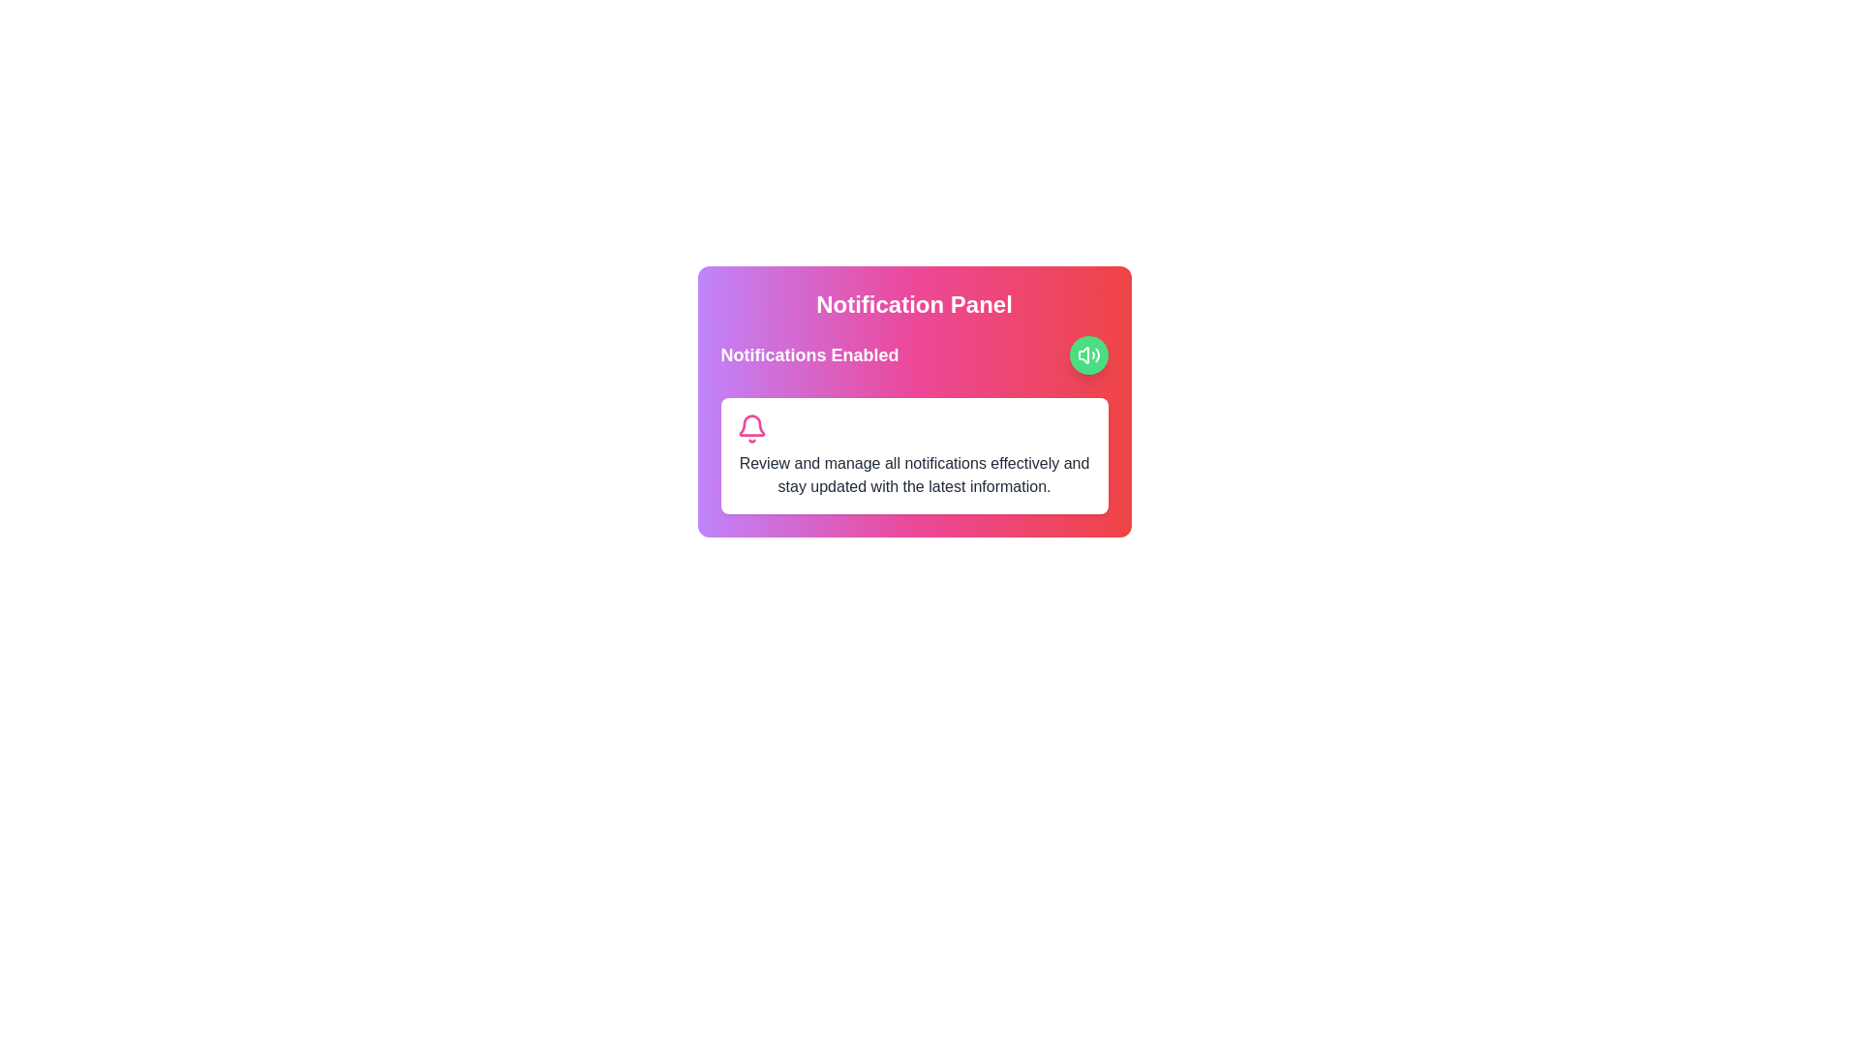 The image size is (1859, 1046). I want to click on the speaker icon with sound waves located at the top-right corner of the notification panel, so click(1088, 354).